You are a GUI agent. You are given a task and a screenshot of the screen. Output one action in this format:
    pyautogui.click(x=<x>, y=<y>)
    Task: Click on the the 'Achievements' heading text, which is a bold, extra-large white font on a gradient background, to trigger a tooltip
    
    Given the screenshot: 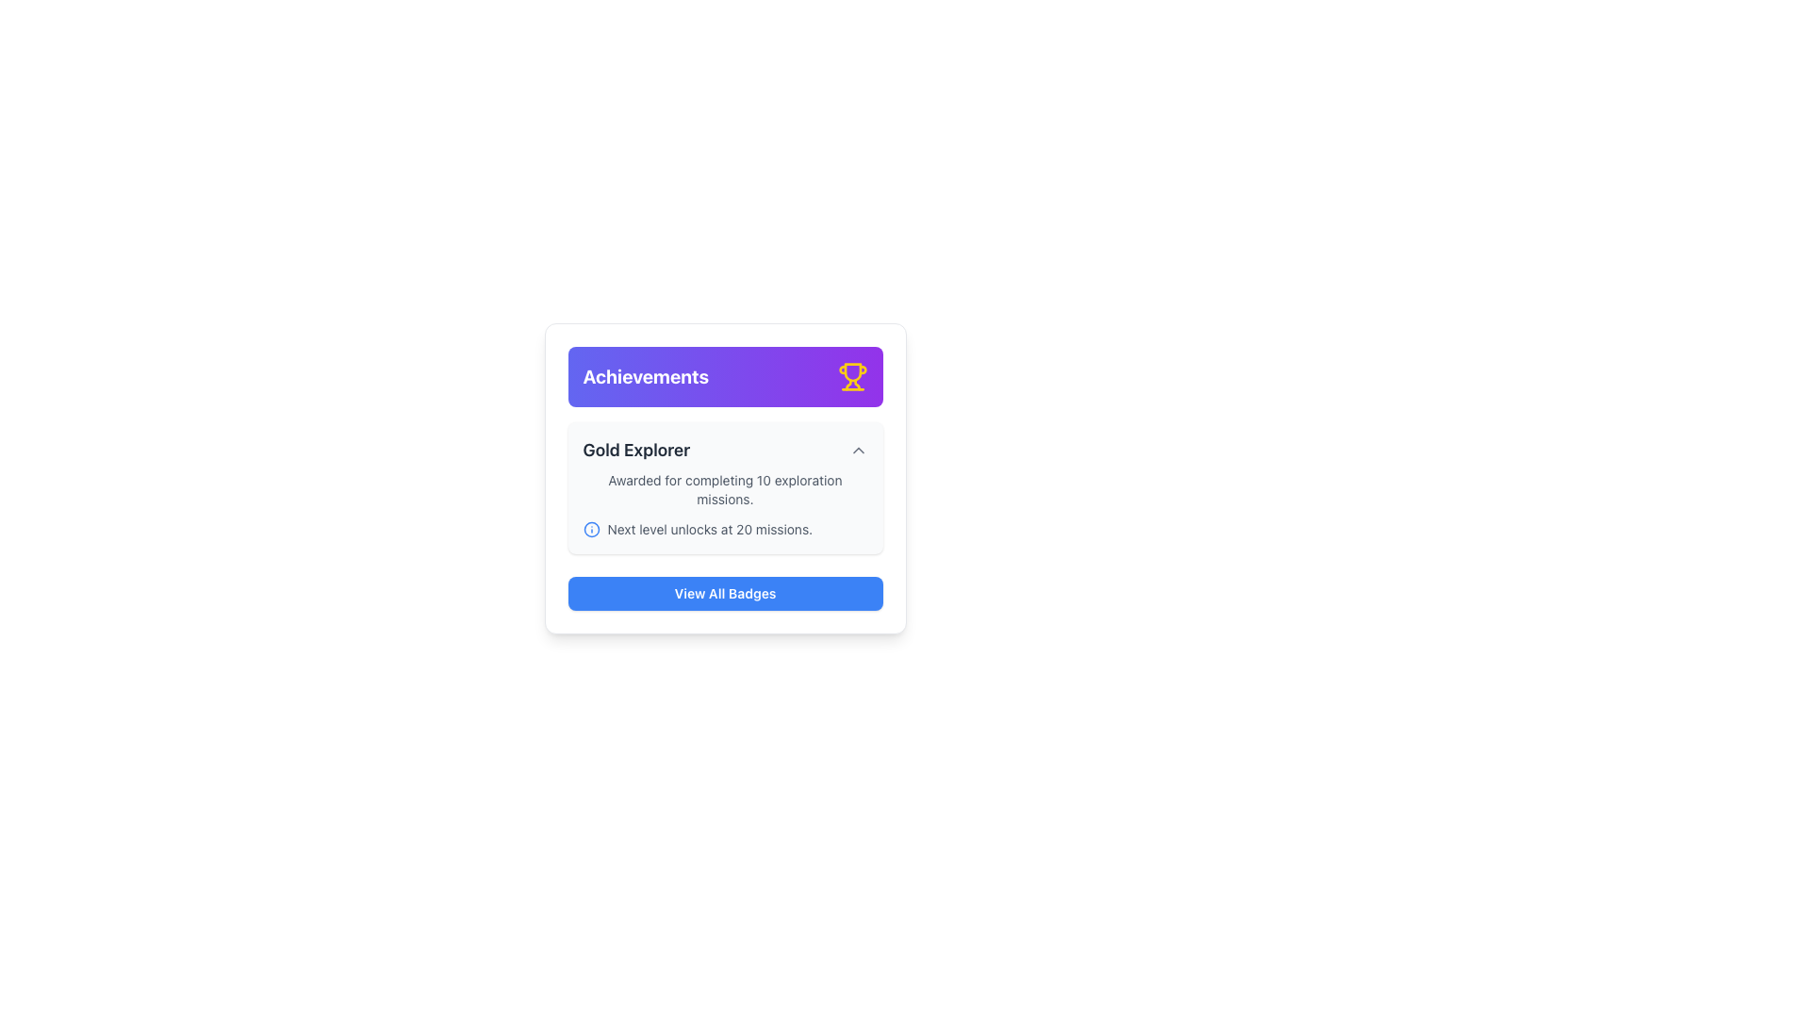 What is the action you would take?
    pyautogui.click(x=646, y=377)
    